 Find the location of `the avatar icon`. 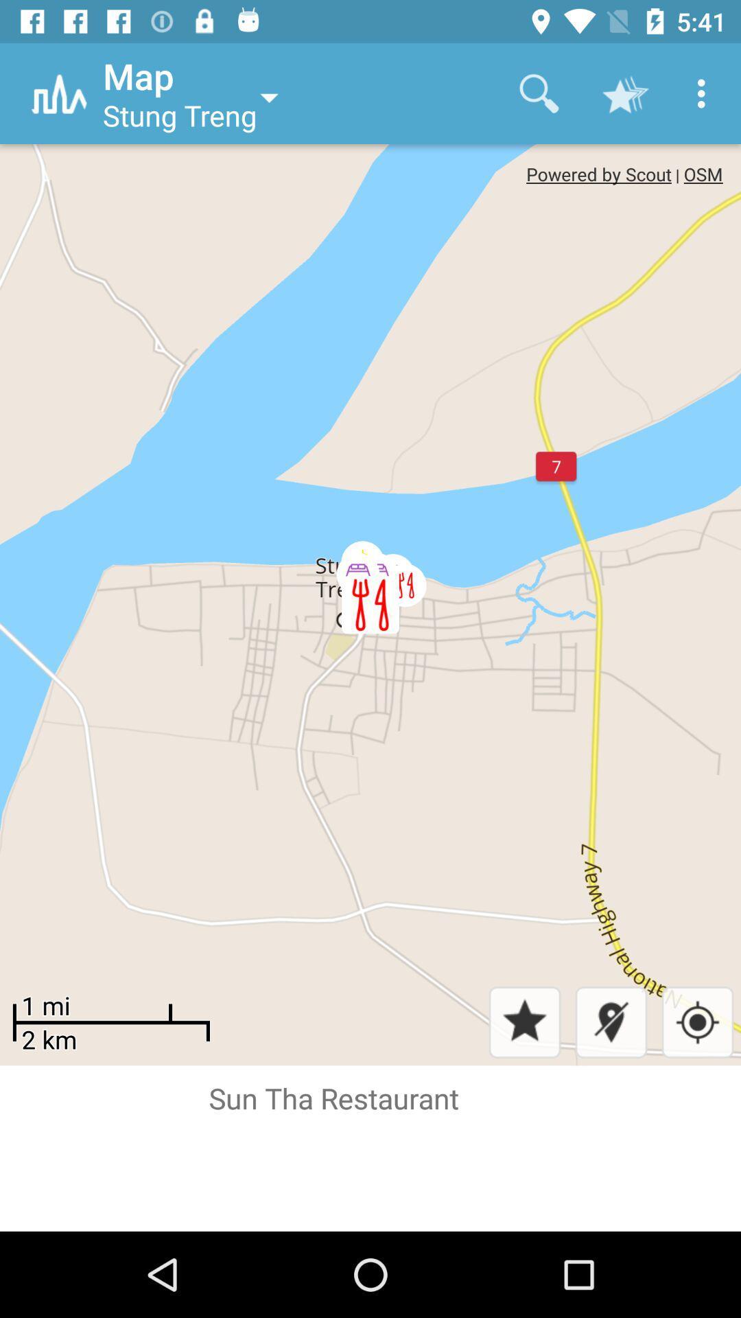

the avatar icon is located at coordinates (386, 582).